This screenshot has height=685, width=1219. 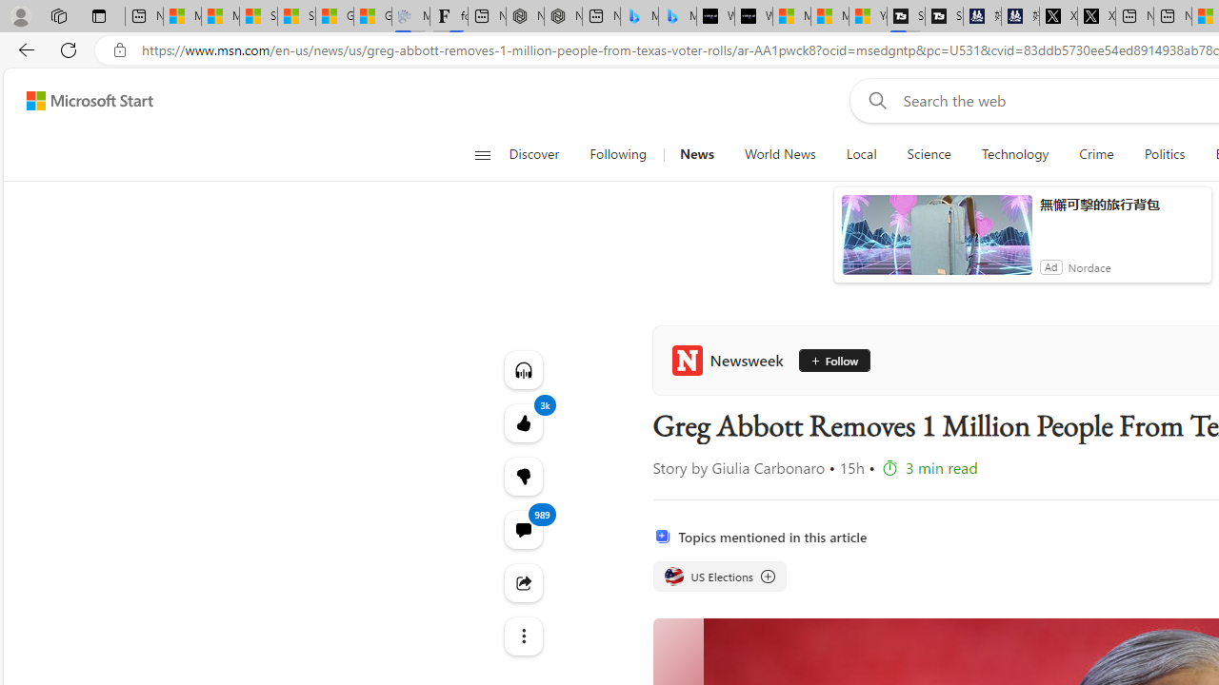 I want to click on 'Share this story', so click(x=523, y=582).